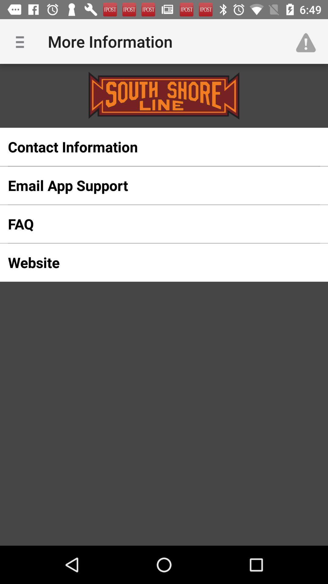  Describe the element at coordinates (154, 147) in the screenshot. I see `the item above the email app support icon` at that location.